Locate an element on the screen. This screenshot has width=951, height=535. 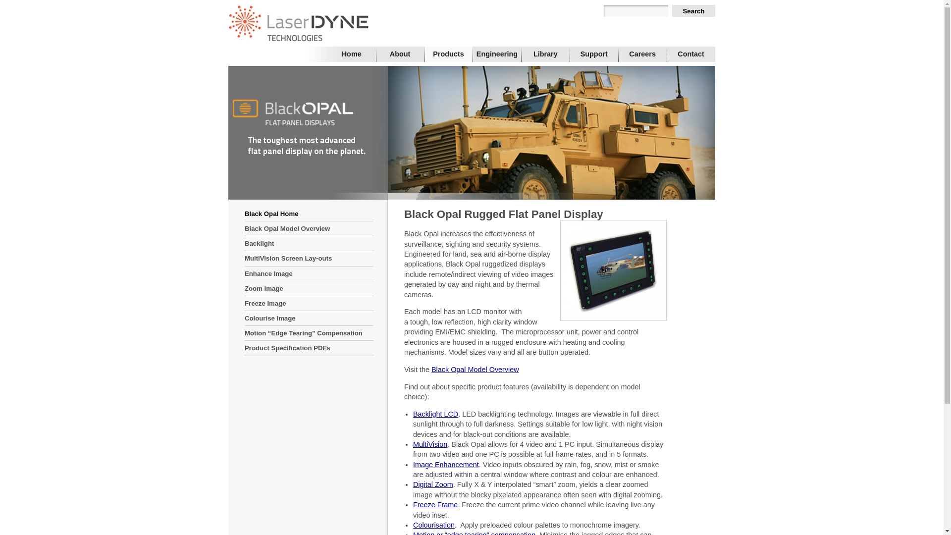
'MultiVision' is located at coordinates (430, 444).